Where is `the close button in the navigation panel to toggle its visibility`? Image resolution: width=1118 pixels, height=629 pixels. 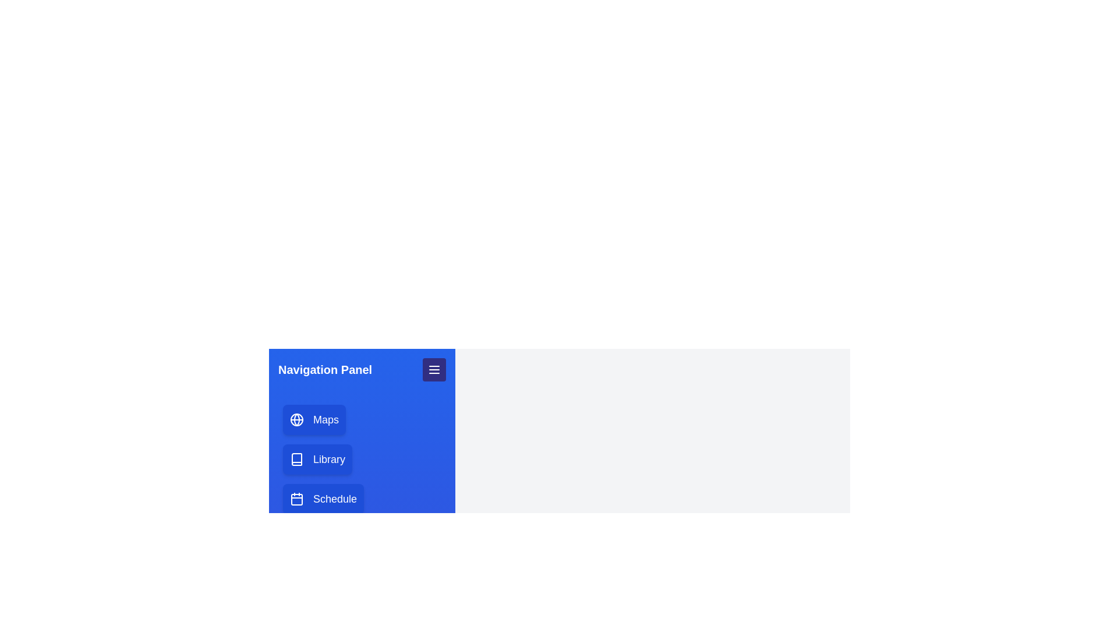 the close button in the navigation panel to toggle its visibility is located at coordinates (433, 370).